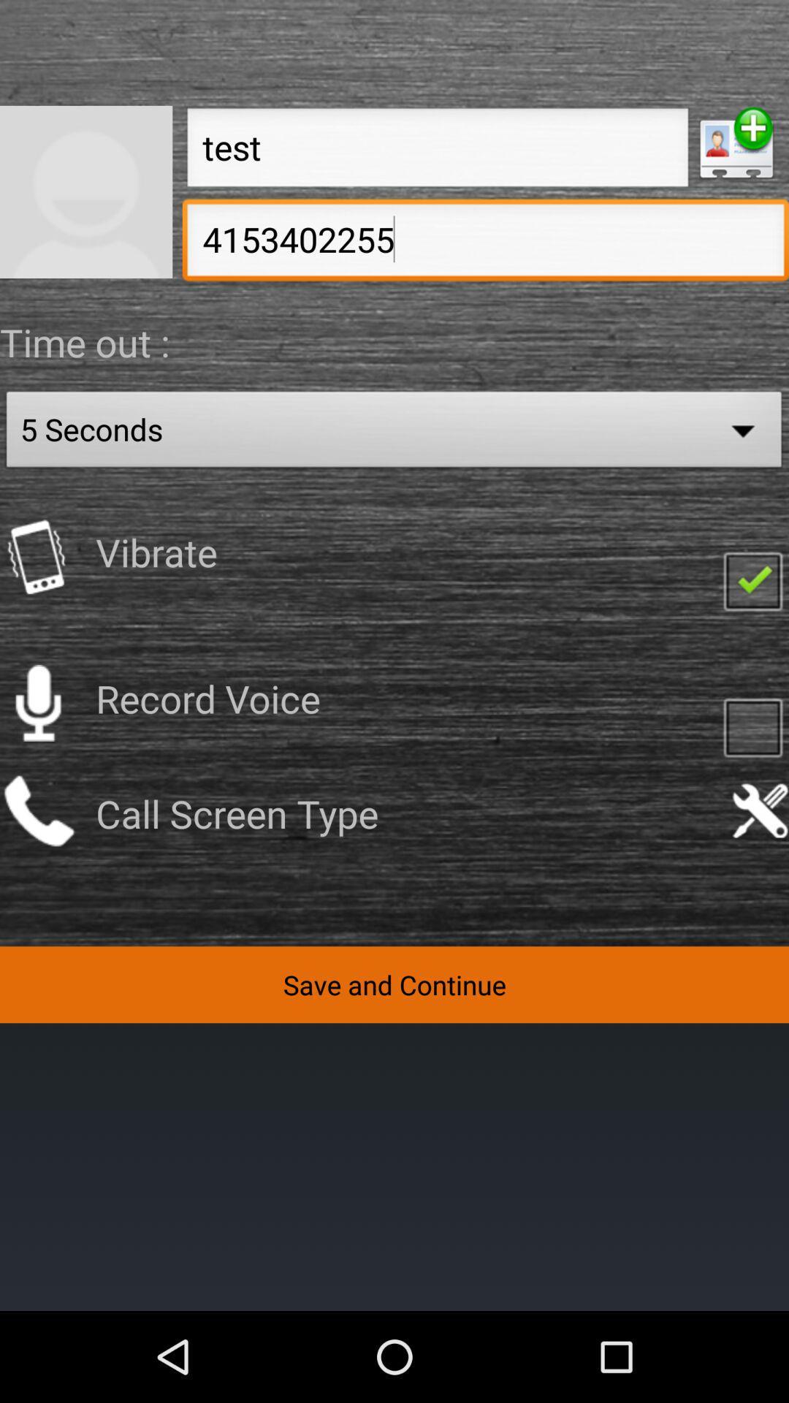  Describe the element at coordinates (752, 726) in the screenshot. I see `check here if you would like to record your voice` at that location.